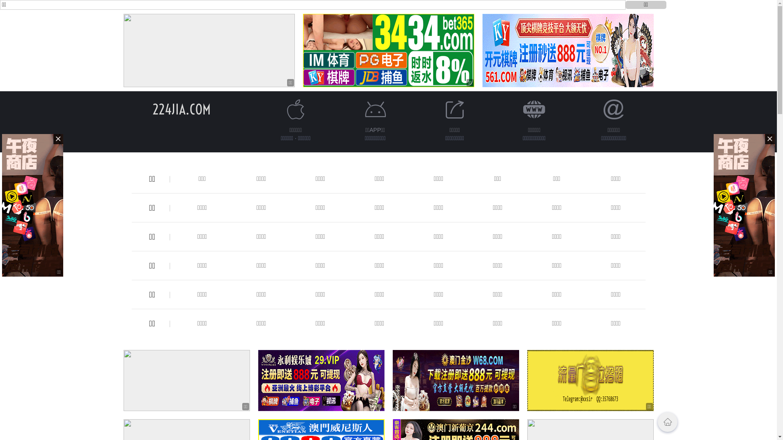 This screenshot has height=440, width=783. What do you see at coordinates (181, 109) in the screenshot?
I see `'224JIA.COM'` at bounding box center [181, 109].